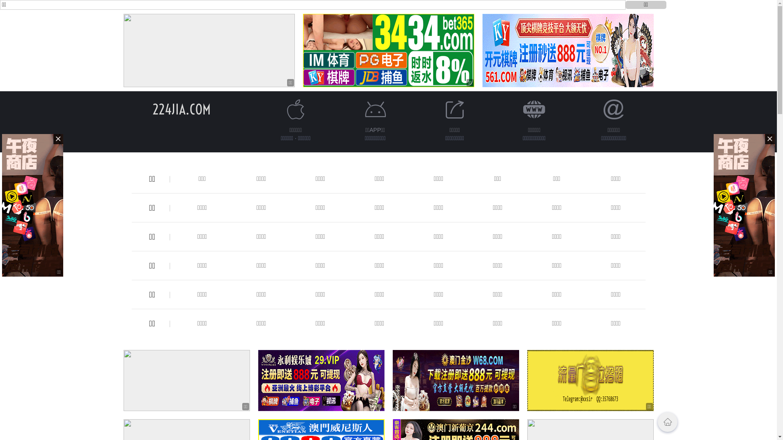 This screenshot has height=440, width=783. What do you see at coordinates (181, 109) in the screenshot?
I see `'224JIA.COM'` at bounding box center [181, 109].